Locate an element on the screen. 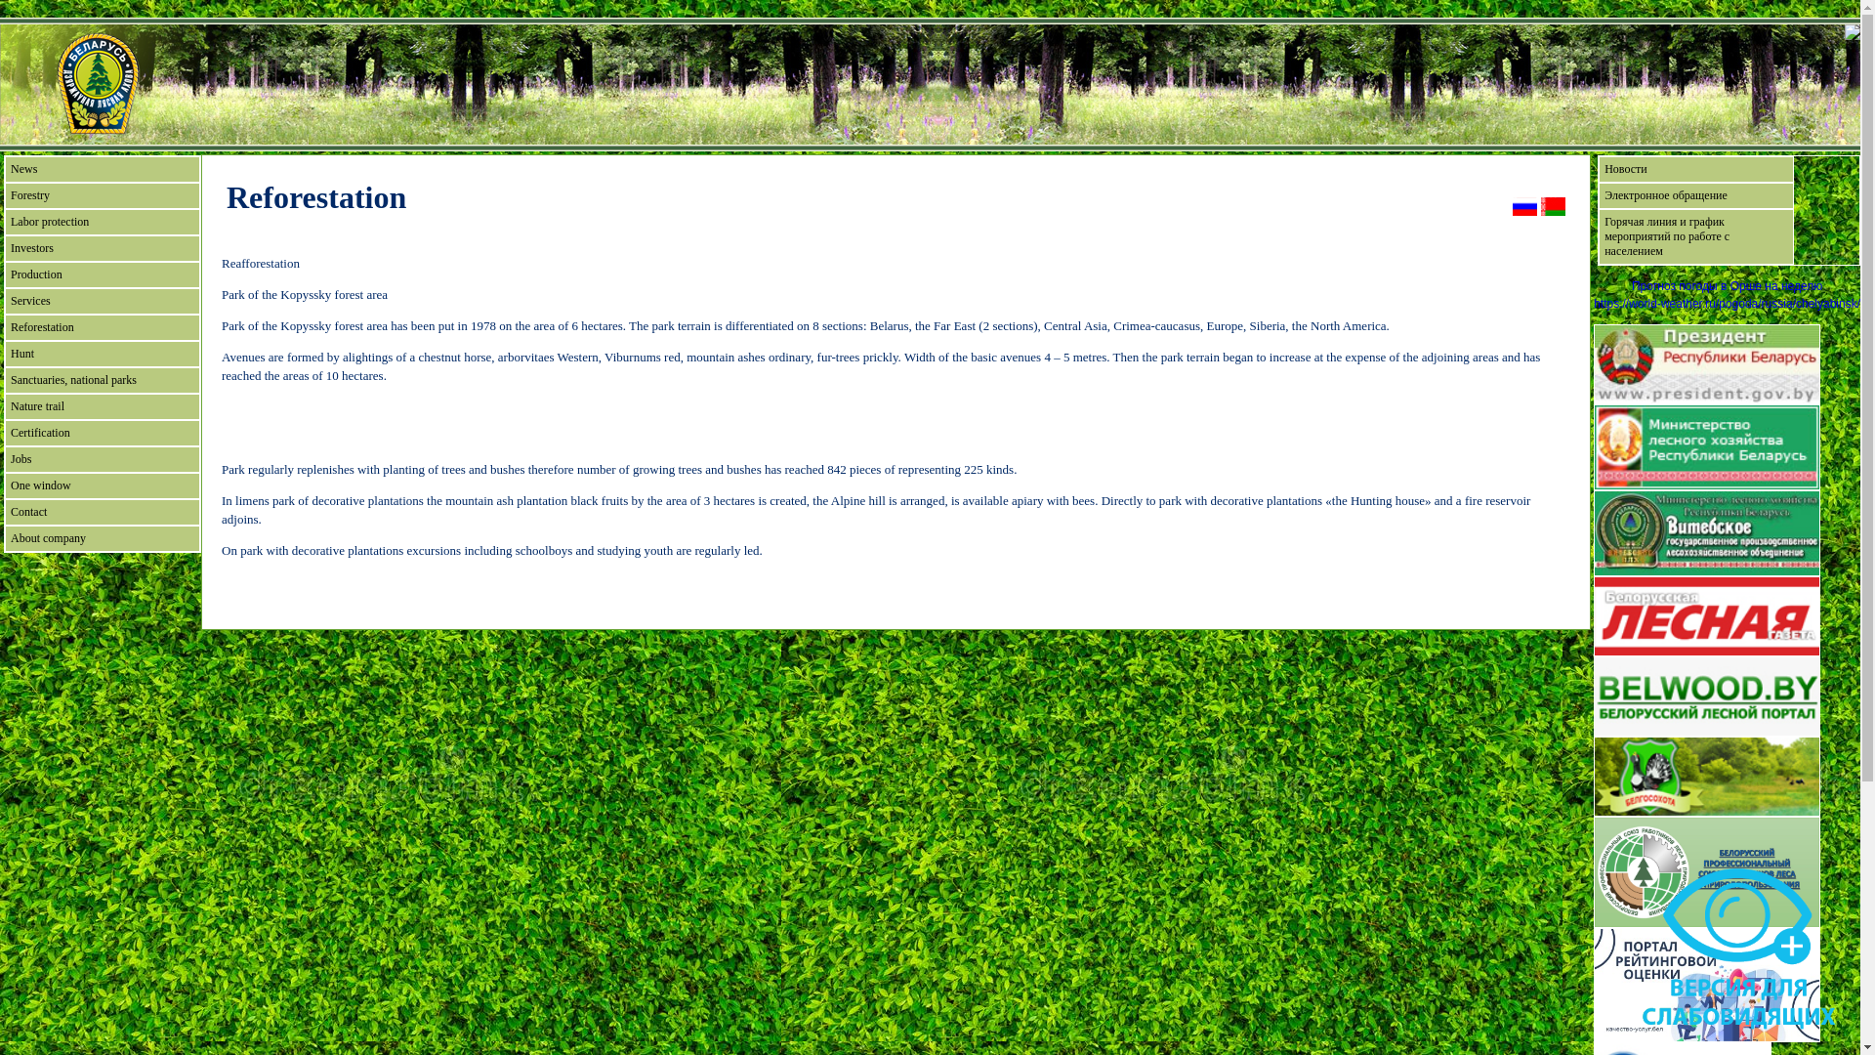  'Forestry' is located at coordinates (4, 195).